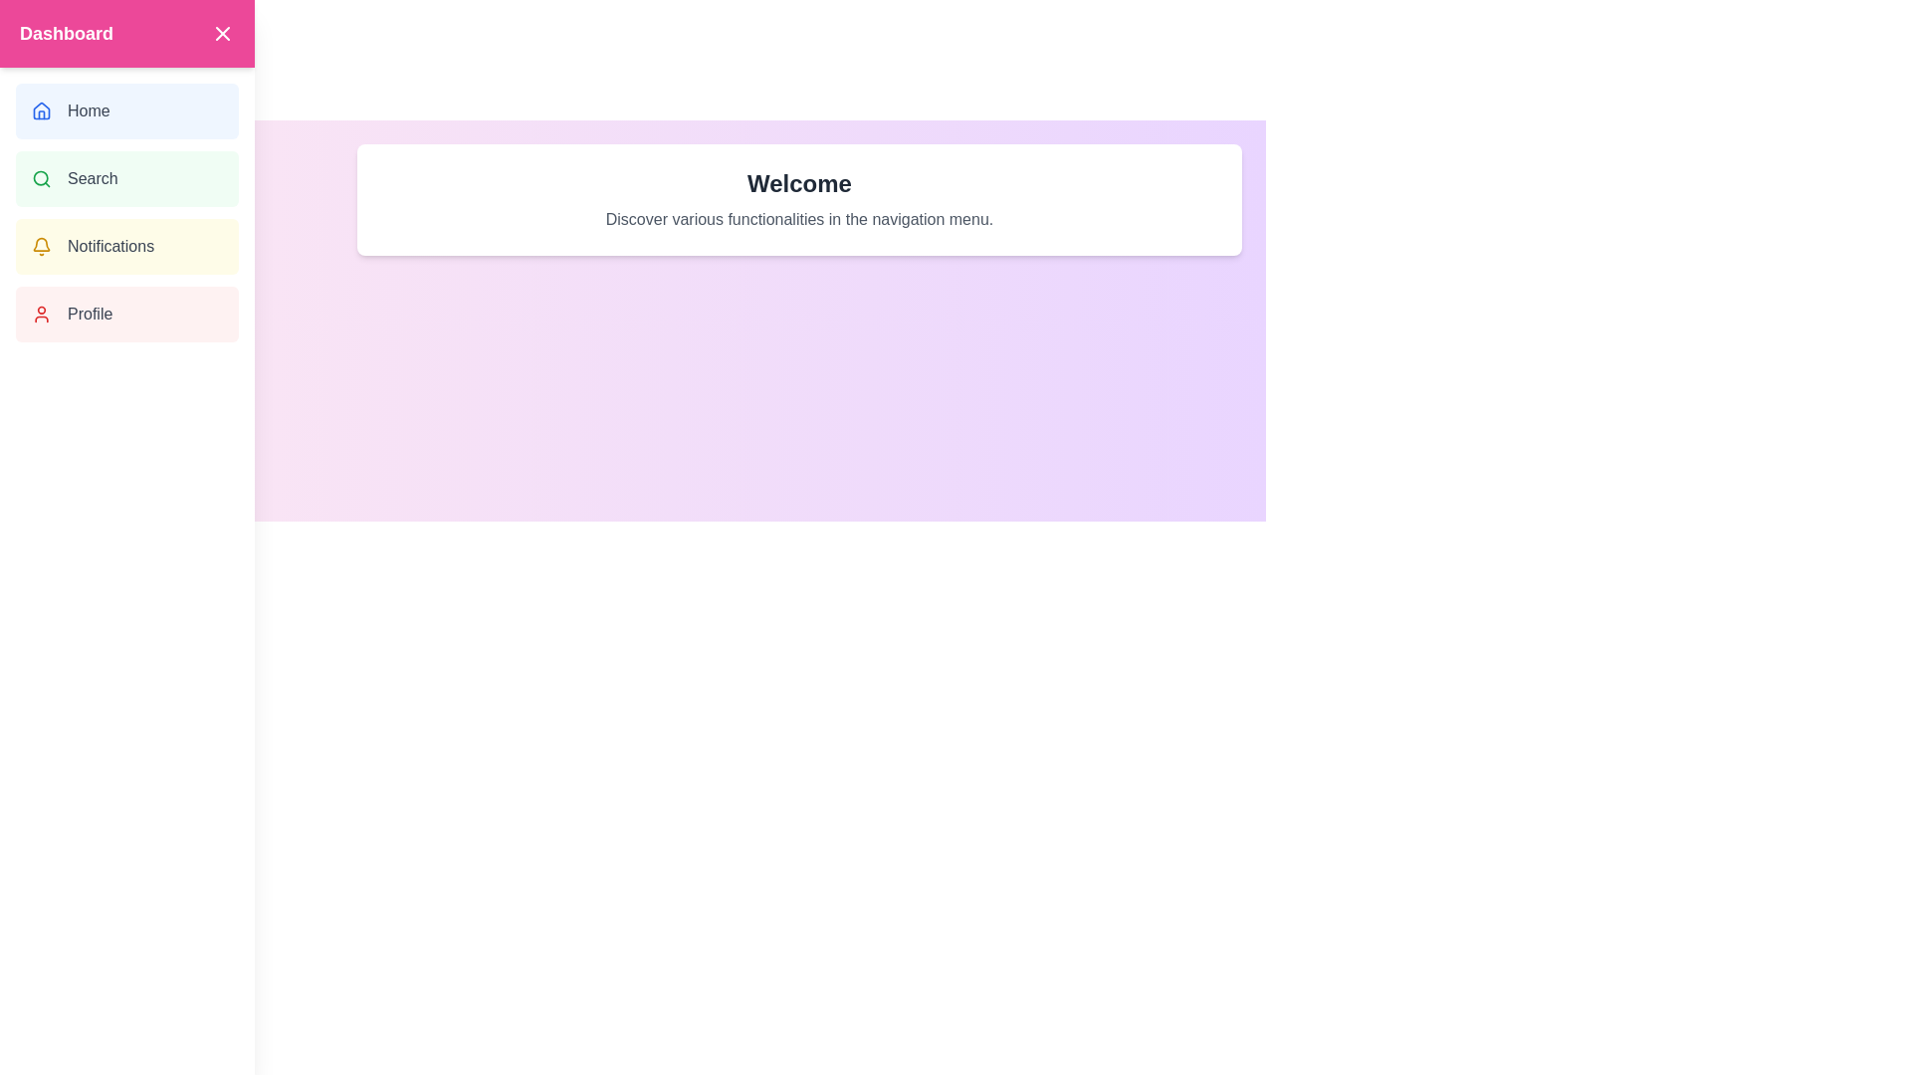 The image size is (1911, 1075). Describe the element at coordinates (126, 110) in the screenshot. I see `the navigation button located at the top of the vertical list in the left-hand menu` at that location.